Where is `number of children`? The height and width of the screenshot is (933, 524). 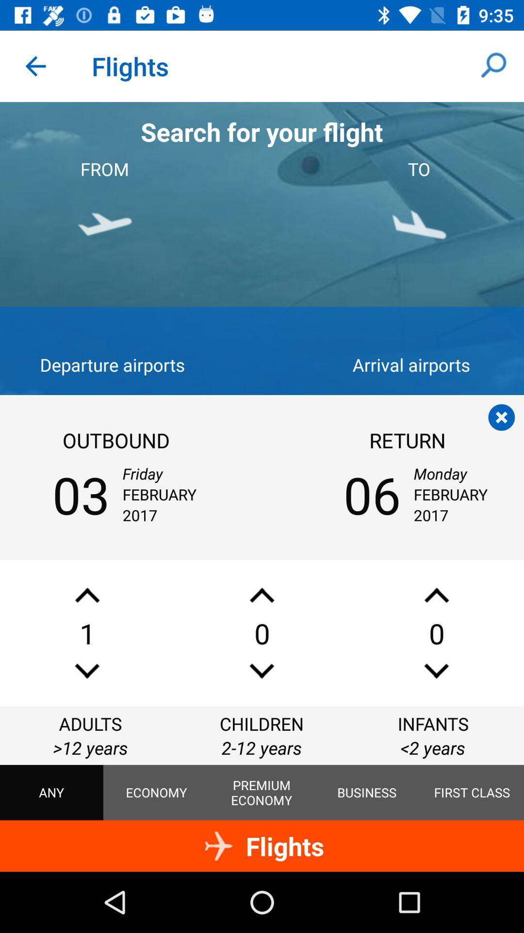 number of children is located at coordinates (262, 671).